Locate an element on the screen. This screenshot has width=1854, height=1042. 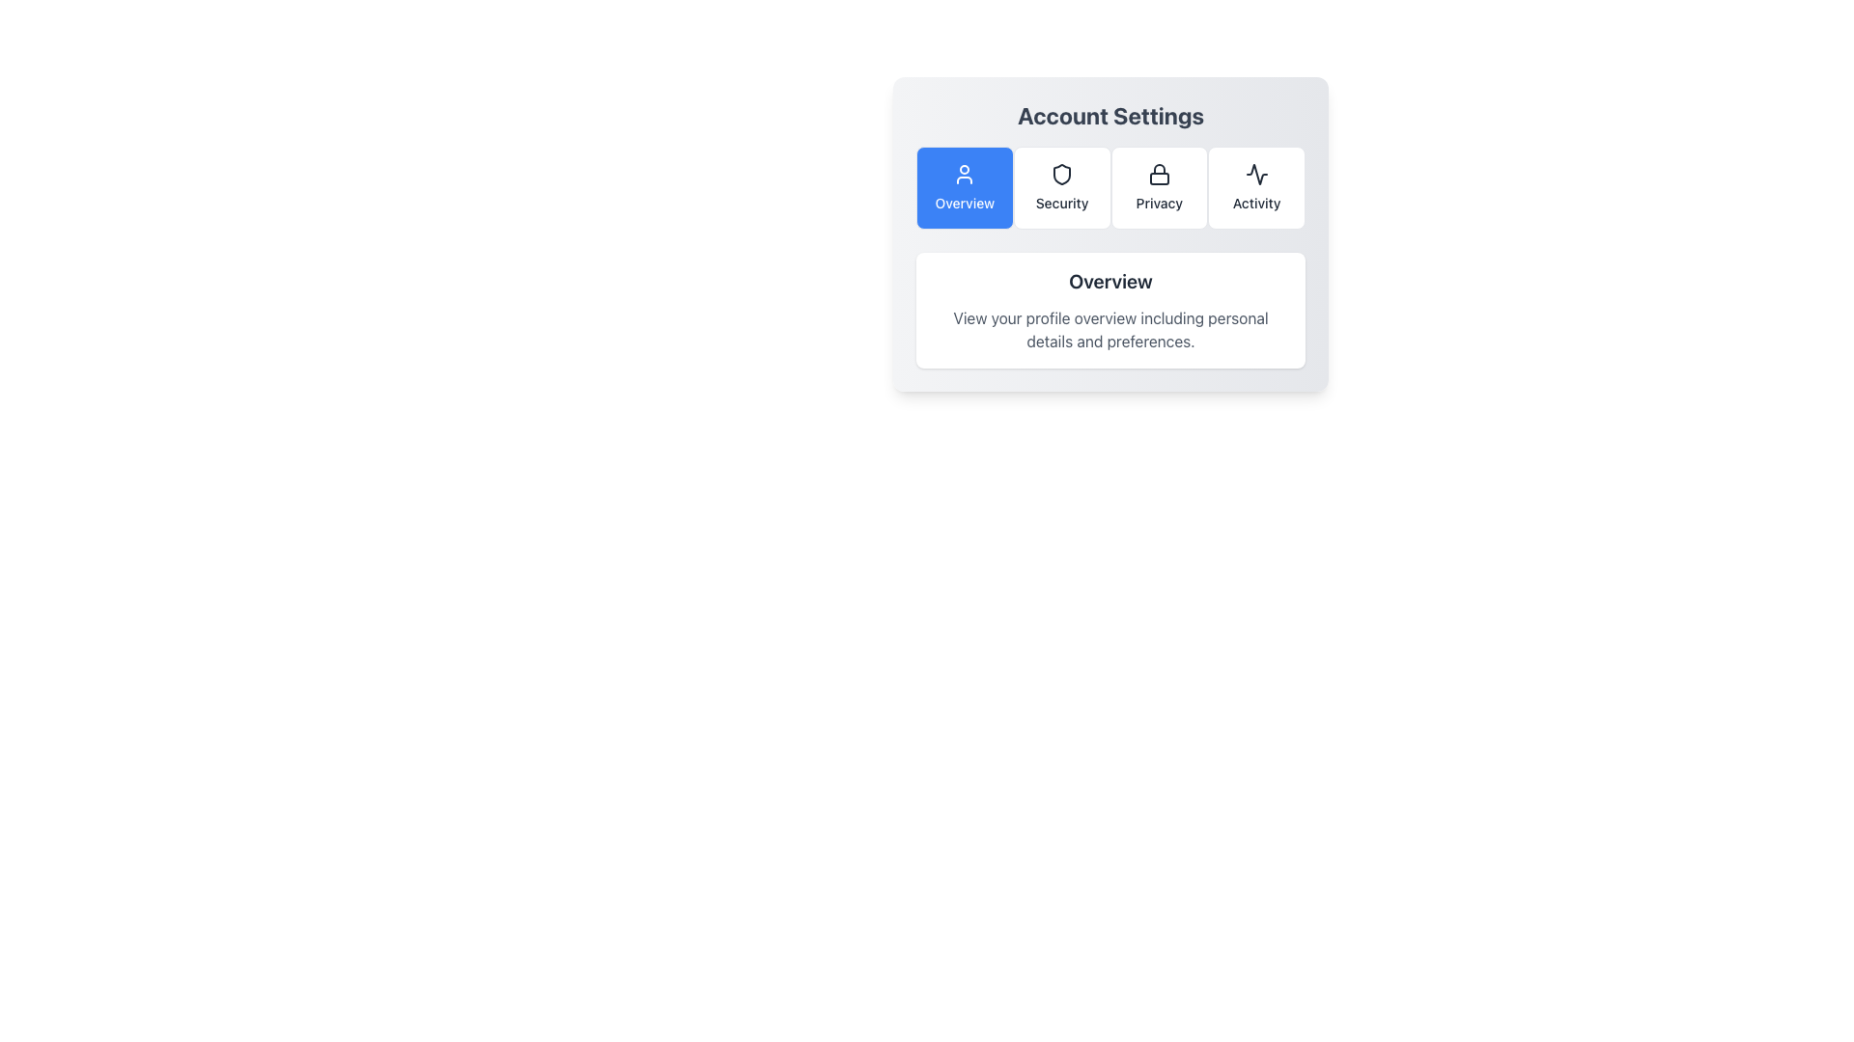
the text label displaying 'Activity' is located at coordinates (1256, 204).